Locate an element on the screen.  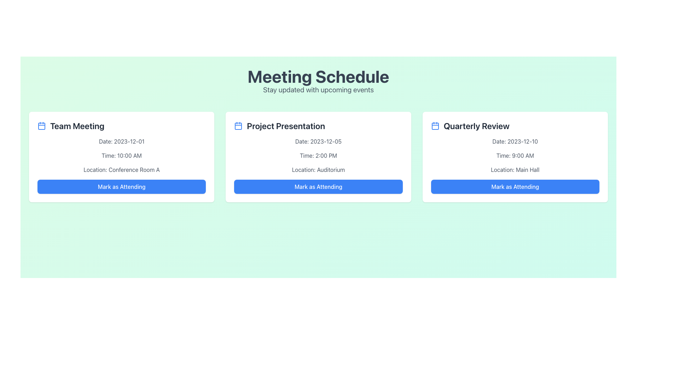
the rectangular box of the calendar icon which is part of the information box for 'Project Presentation' is located at coordinates (238, 126).